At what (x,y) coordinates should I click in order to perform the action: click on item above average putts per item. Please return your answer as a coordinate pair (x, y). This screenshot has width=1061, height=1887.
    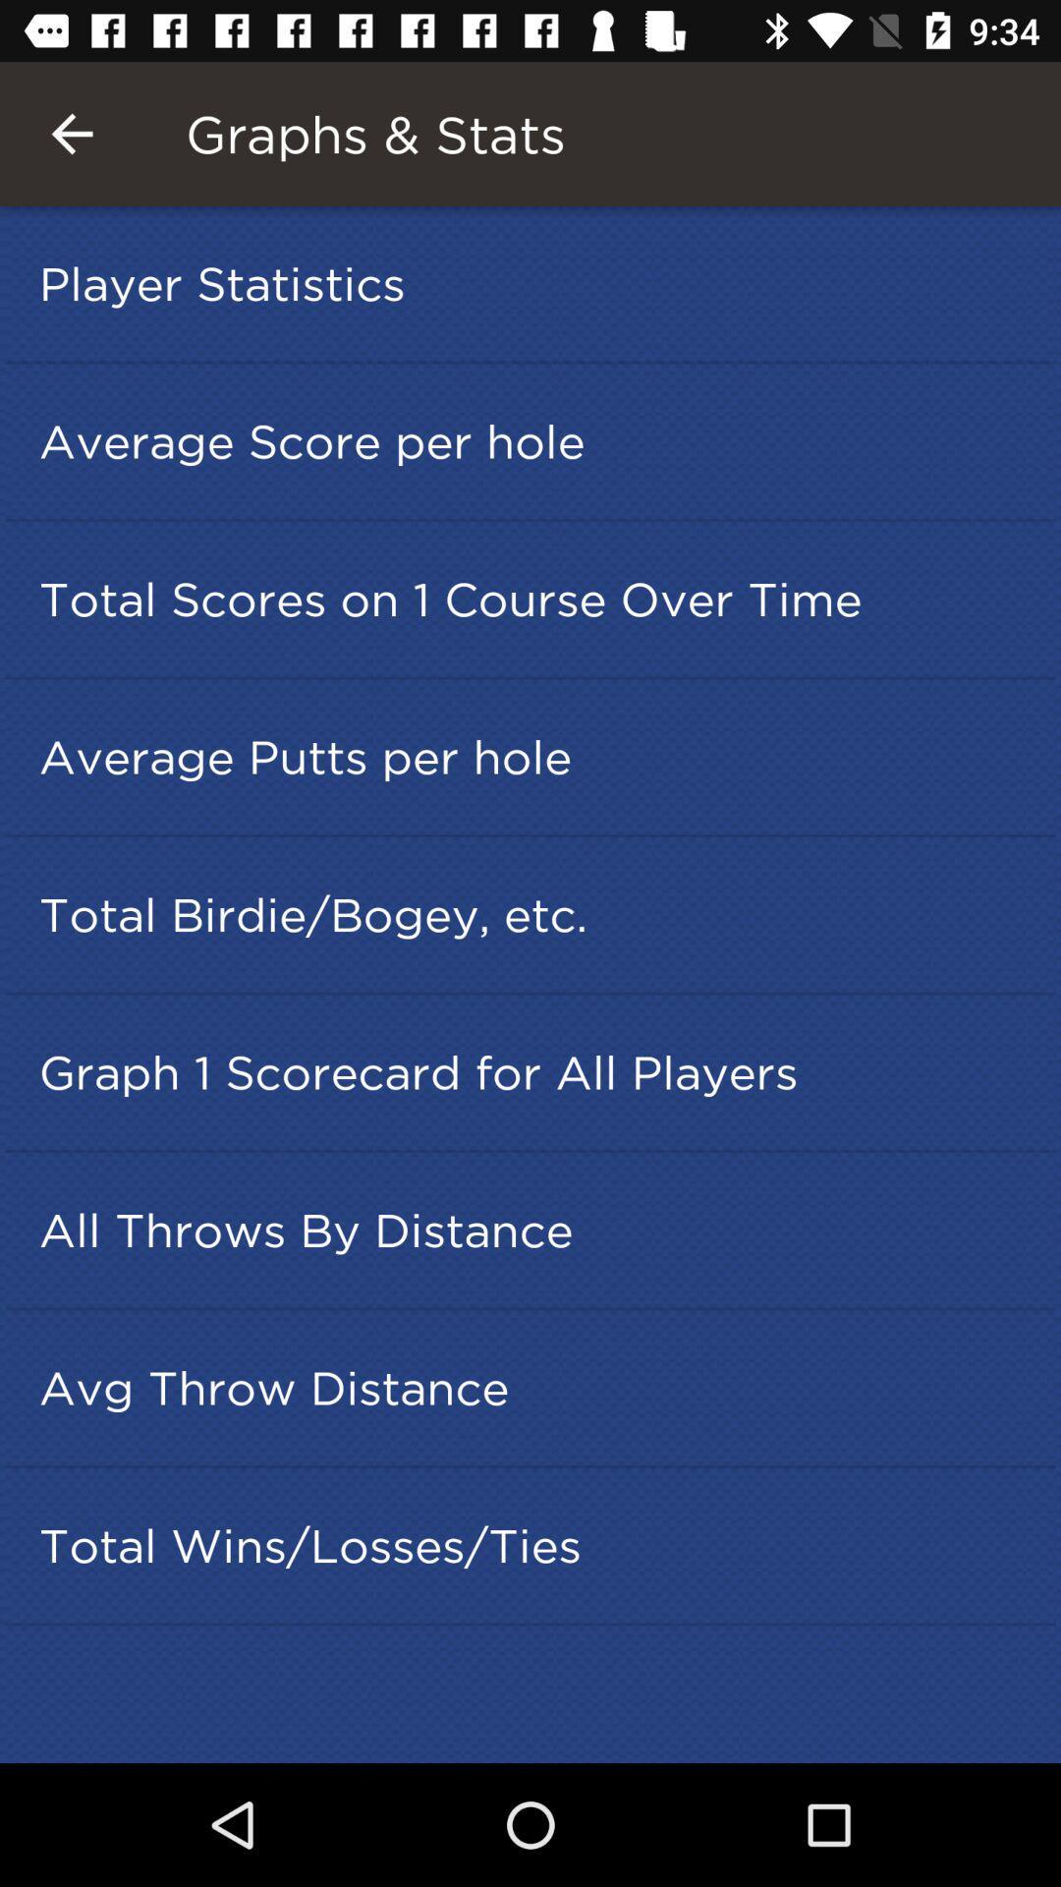
    Looking at the image, I should click on (536, 598).